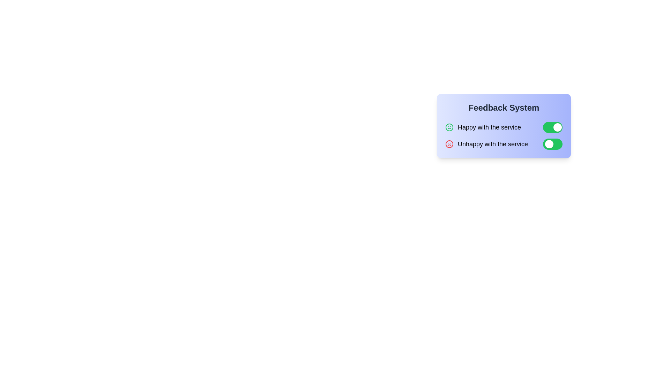  I want to click on the toggle switch located to the right of the text 'Unhappy with the service', so click(552, 143).